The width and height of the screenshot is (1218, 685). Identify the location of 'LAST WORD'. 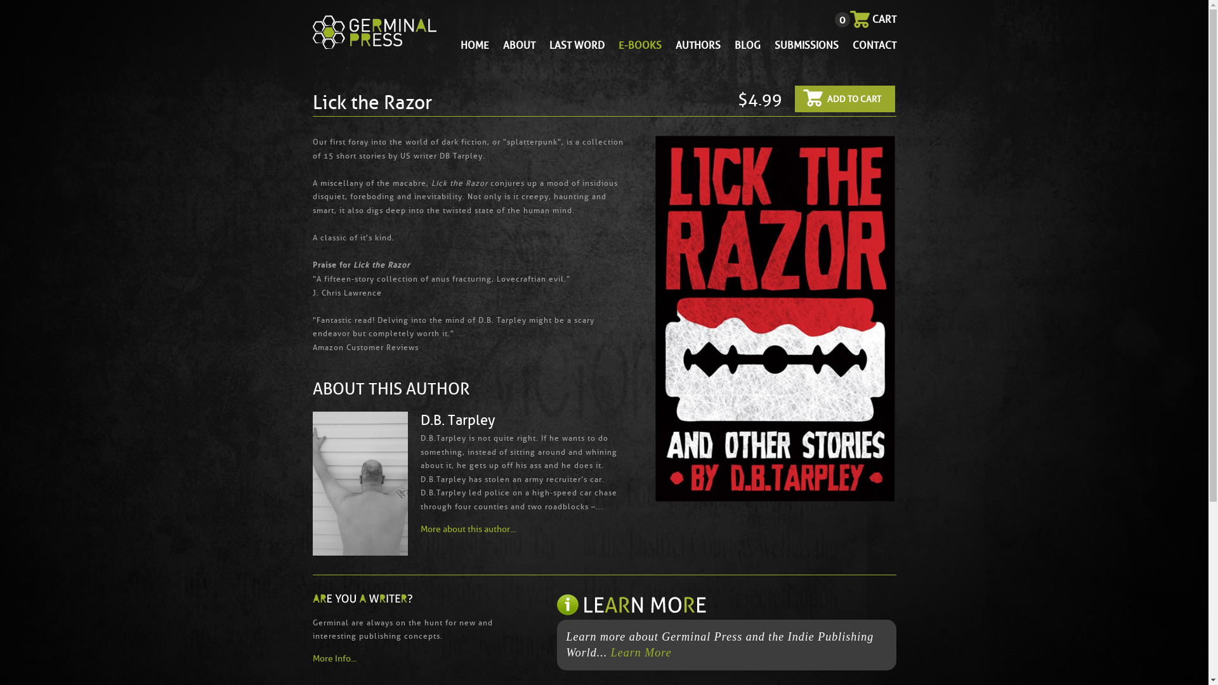
(576, 44).